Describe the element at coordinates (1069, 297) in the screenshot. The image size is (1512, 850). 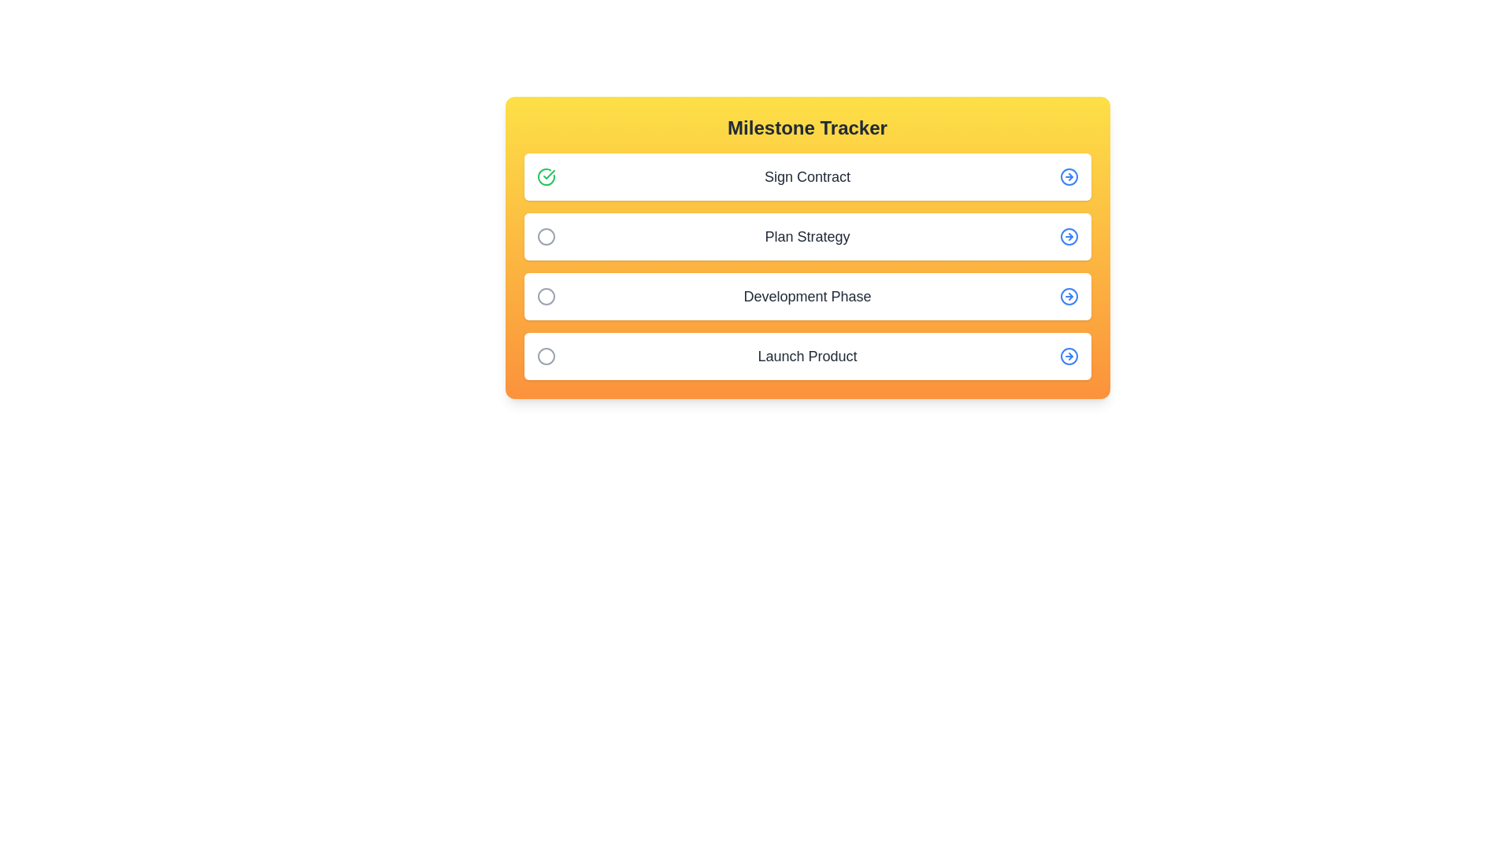
I see `the blue circular icon with a rightward arrow, located at the far-right side of the 'Development Phase' section in the milestone tracker interface` at that location.